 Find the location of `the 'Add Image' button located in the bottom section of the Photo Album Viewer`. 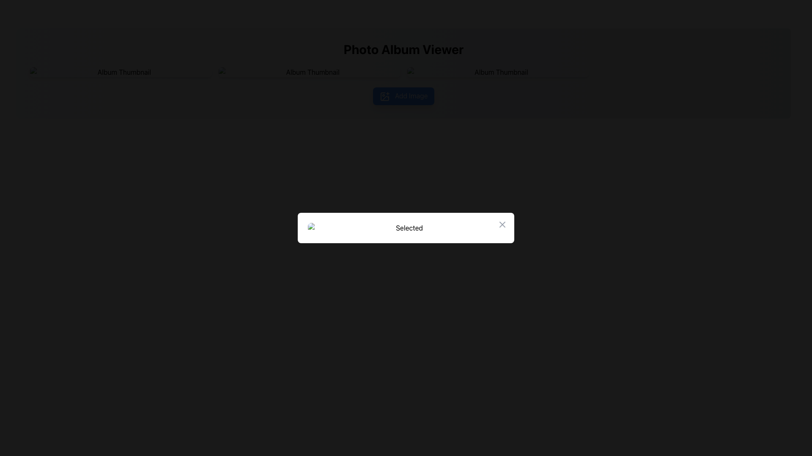

the 'Add Image' button located in the bottom section of the Photo Album Viewer is located at coordinates (403, 95).